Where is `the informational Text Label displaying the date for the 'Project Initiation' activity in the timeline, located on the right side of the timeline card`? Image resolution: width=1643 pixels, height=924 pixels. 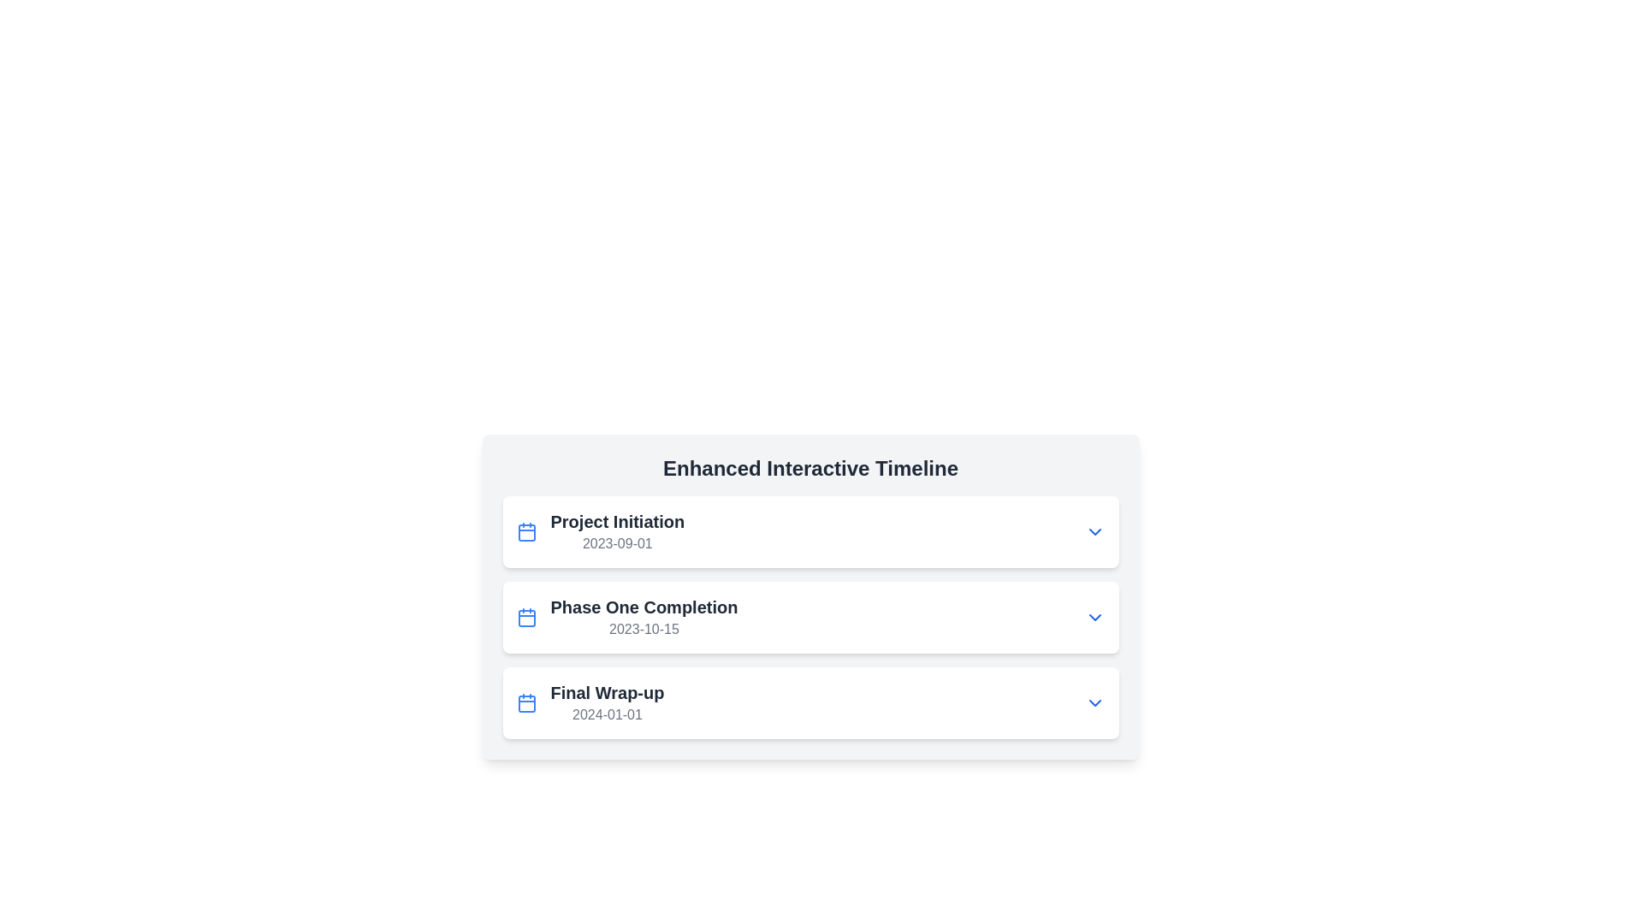
the informational Text Label displaying the date for the 'Project Initiation' activity in the timeline, located on the right side of the timeline card is located at coordinates (616, 544).